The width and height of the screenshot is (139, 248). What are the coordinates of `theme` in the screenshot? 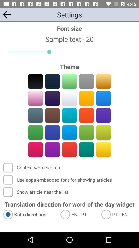 It's located at (52, 98).